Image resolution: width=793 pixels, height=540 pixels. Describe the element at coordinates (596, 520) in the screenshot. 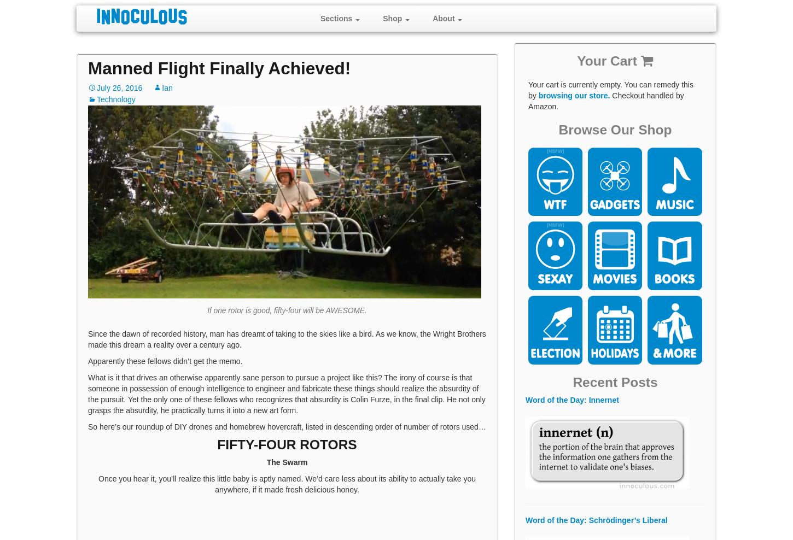

I see `'Word of the Day: Schrödinger’s Liberal'` at that location.